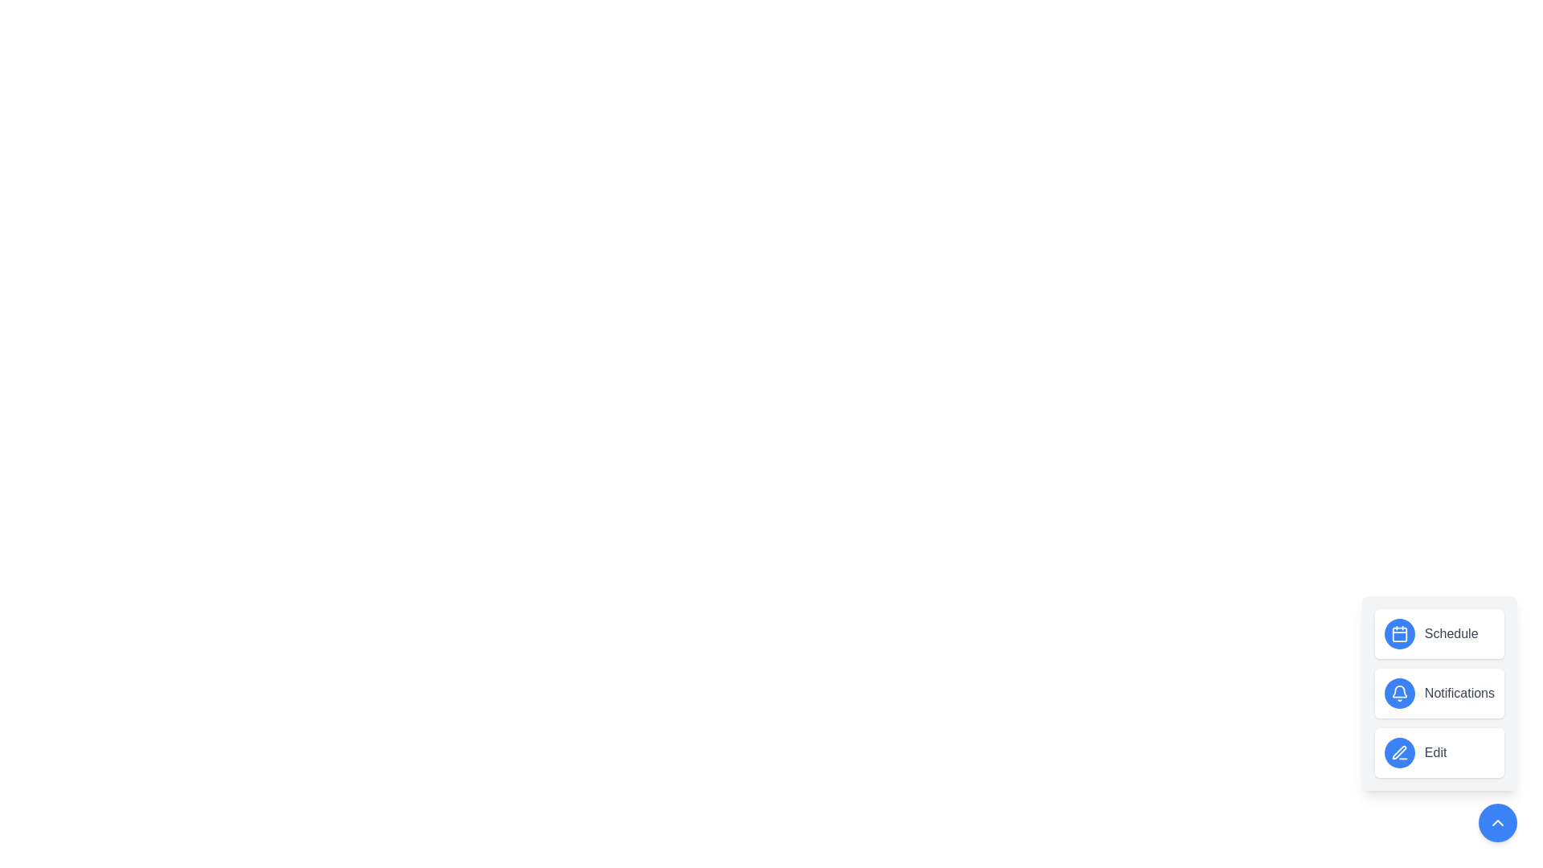 The image size is (1543, 868). I want to click on the 'Edit' button to select the 'Edit' option, so click(1439, 753).